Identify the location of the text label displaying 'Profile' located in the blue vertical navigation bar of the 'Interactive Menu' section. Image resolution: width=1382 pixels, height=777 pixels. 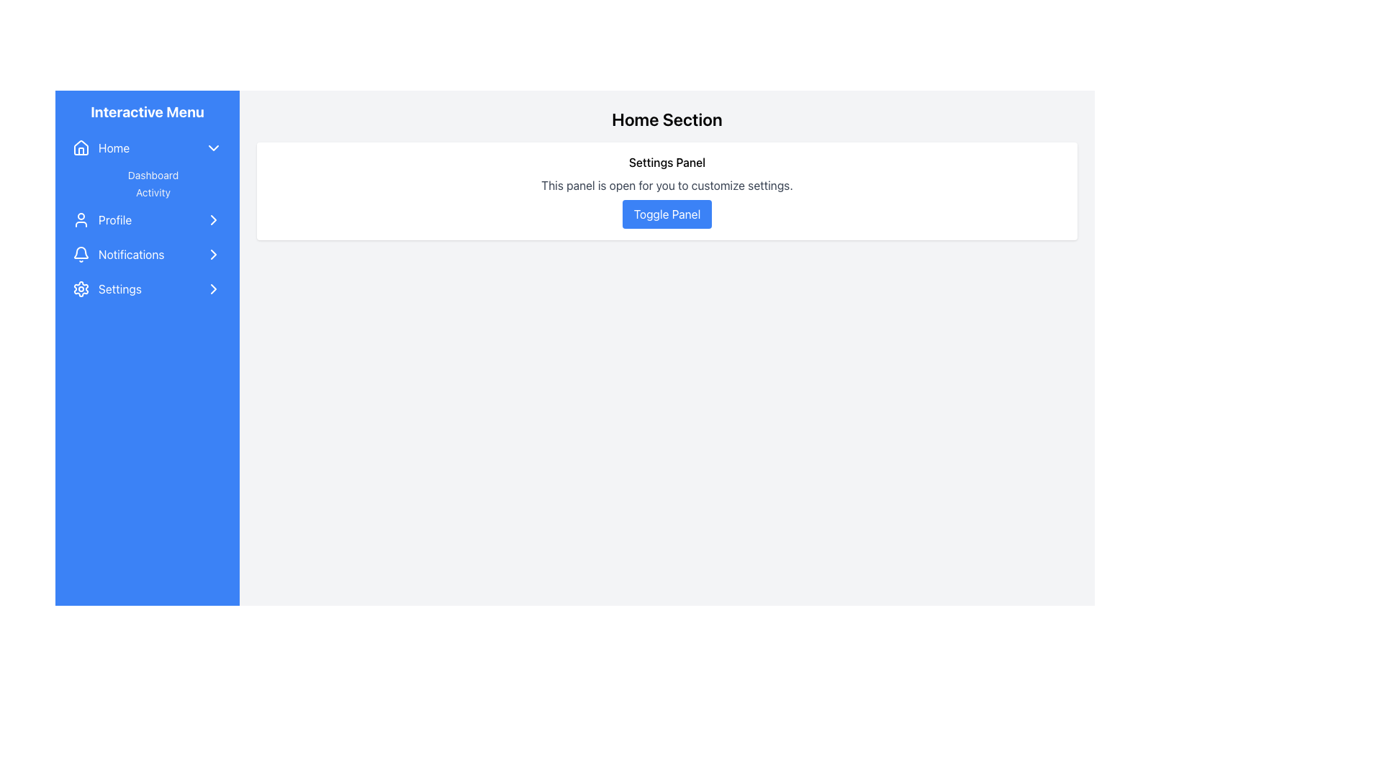
(115, 219).